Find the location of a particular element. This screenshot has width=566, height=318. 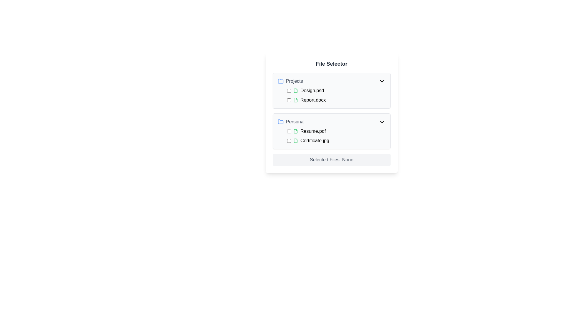

the first file item labeled 'Resume.pdf' under the 'Personal' section is located at coordinates (336, 131).